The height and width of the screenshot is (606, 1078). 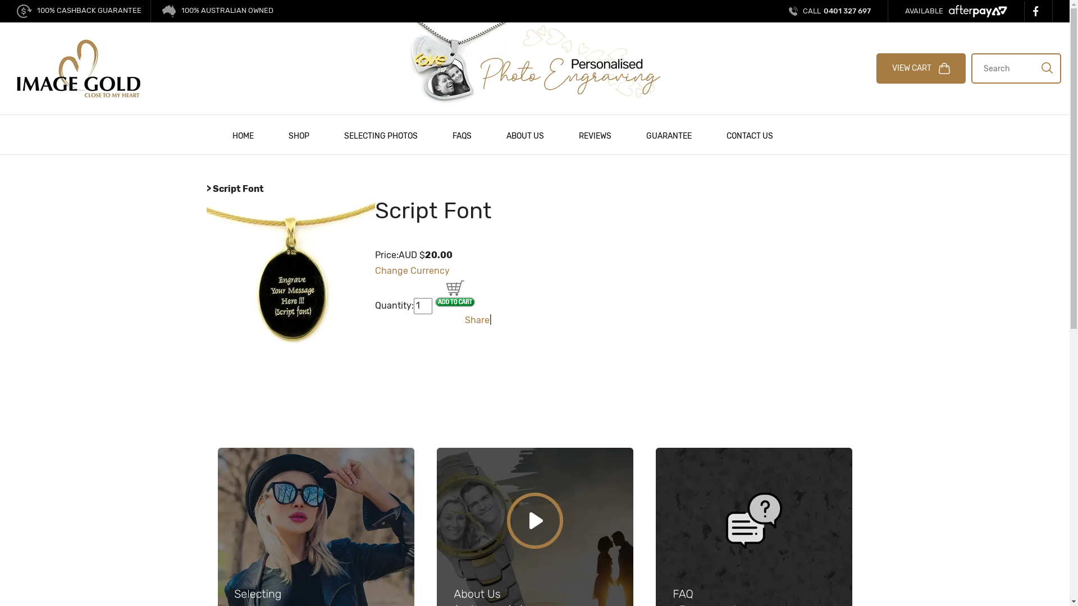 What do you see at coordinates (749, 134) in the screenshot?
I see `'CONTACT US'` at bounding box center [749, 134].